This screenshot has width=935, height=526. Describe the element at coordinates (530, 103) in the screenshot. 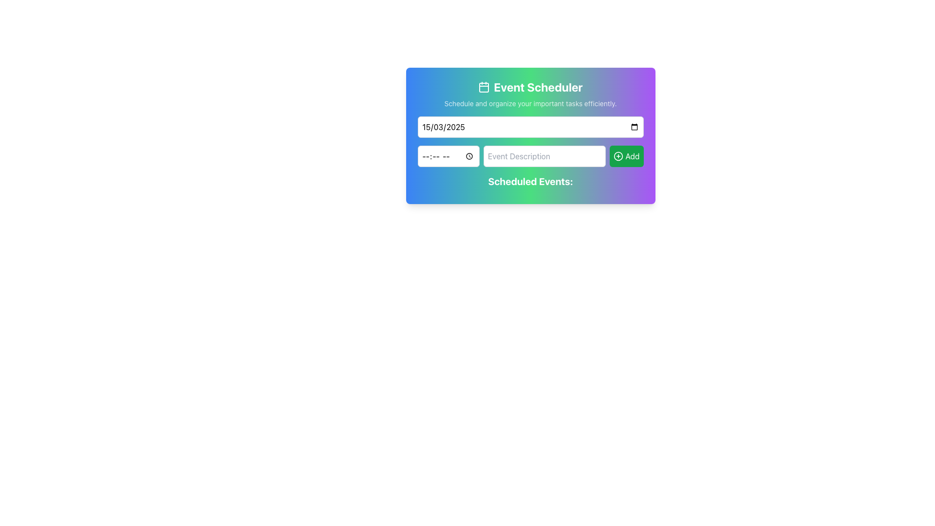

I see `the static text label that reads 'Schedule and organize your important tasks efficiently.' which is centrally aligned below the title 'Event Scheduler'` at that location.